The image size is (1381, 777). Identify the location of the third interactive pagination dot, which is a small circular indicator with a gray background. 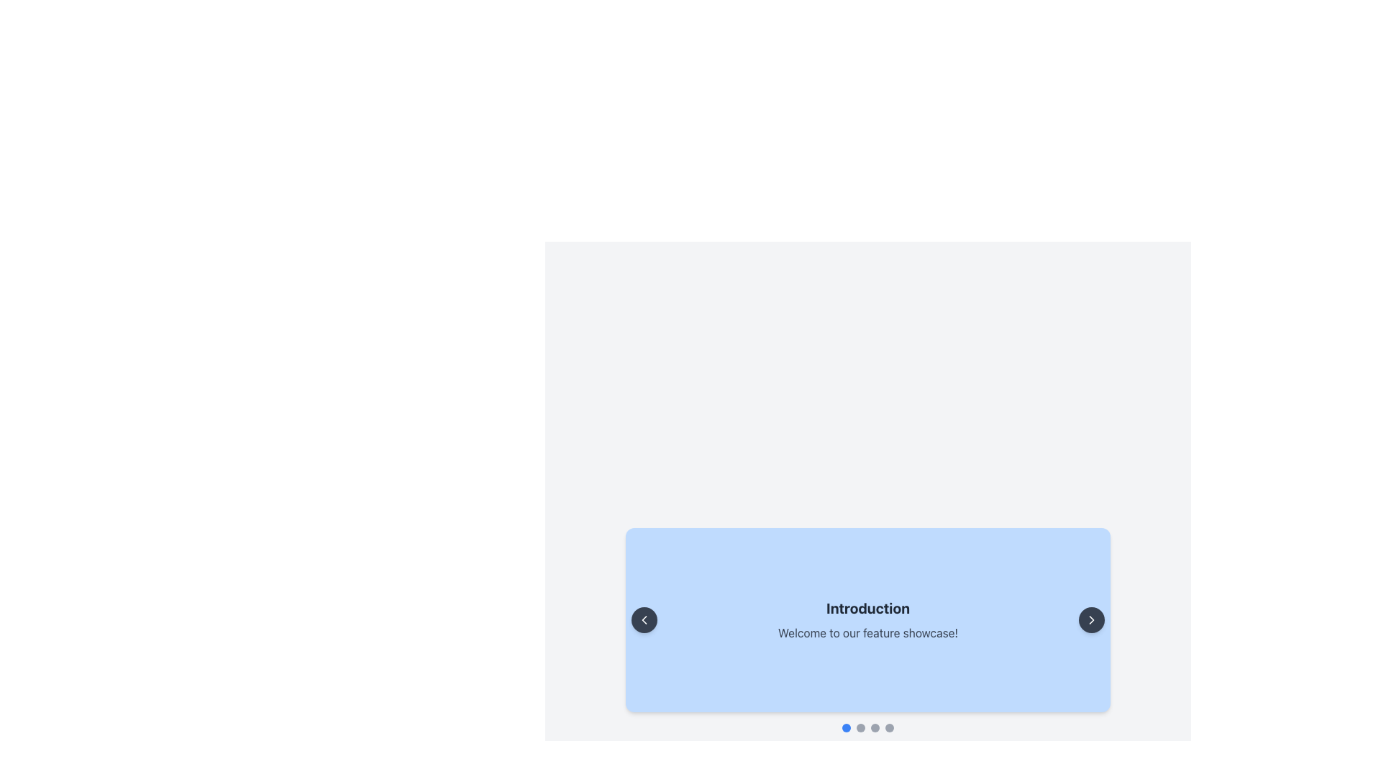
(875, 727).